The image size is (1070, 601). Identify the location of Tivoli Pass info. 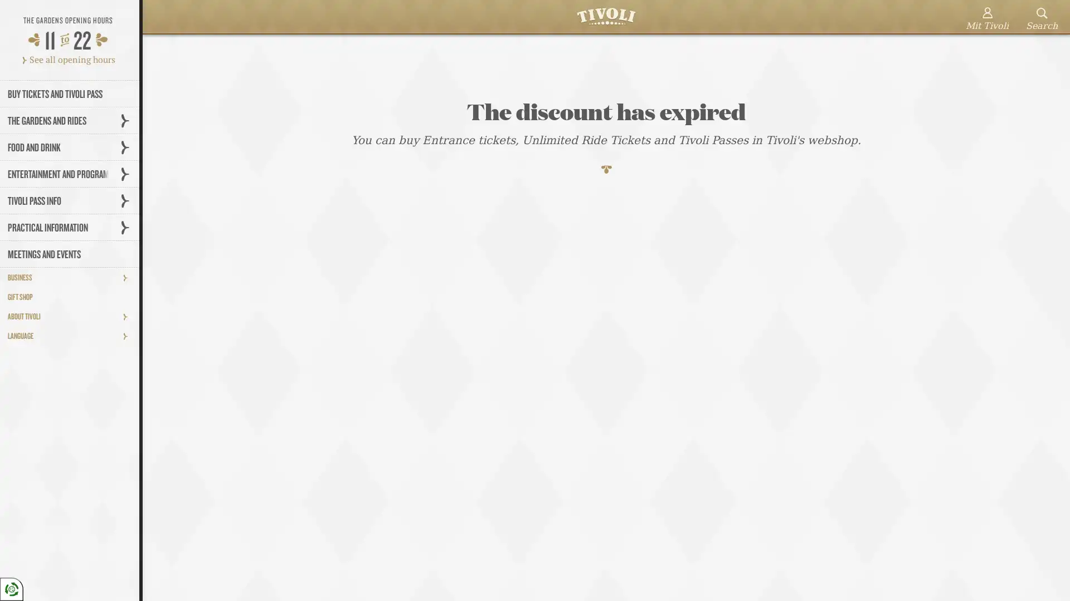
(128, 200).